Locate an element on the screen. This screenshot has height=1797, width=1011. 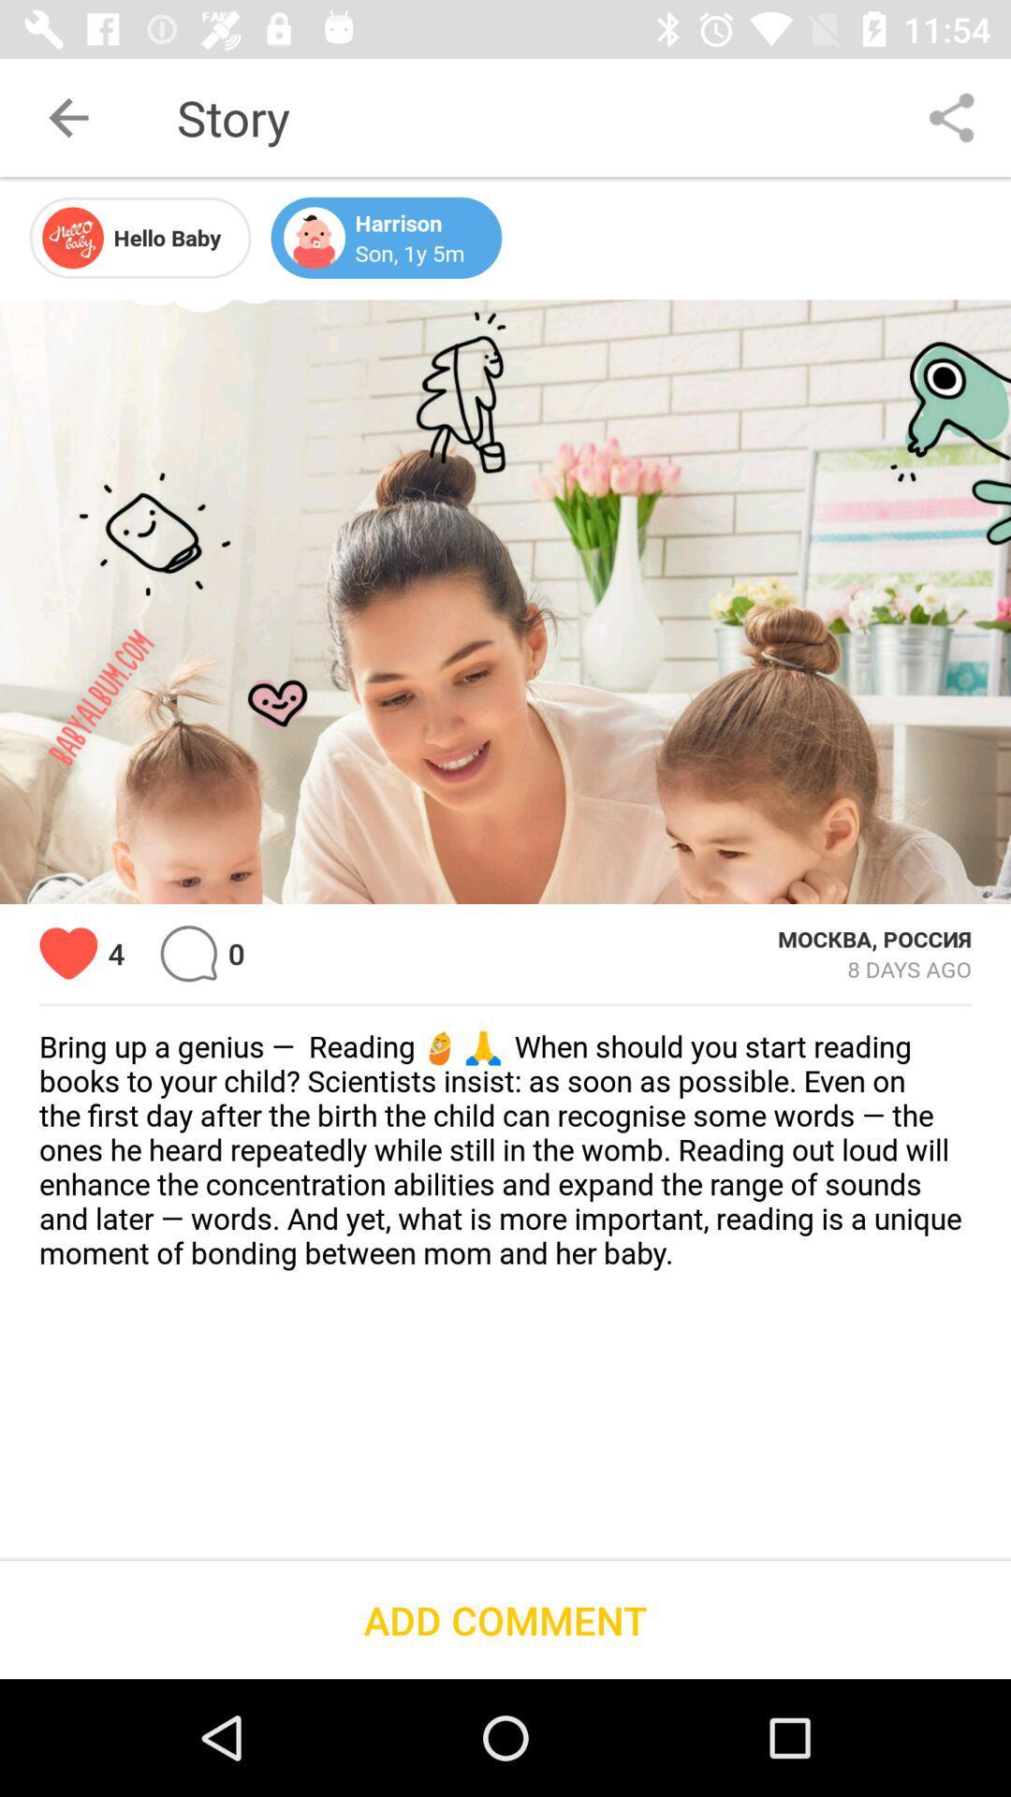
the chat icon is located at coordinates (188, 954).